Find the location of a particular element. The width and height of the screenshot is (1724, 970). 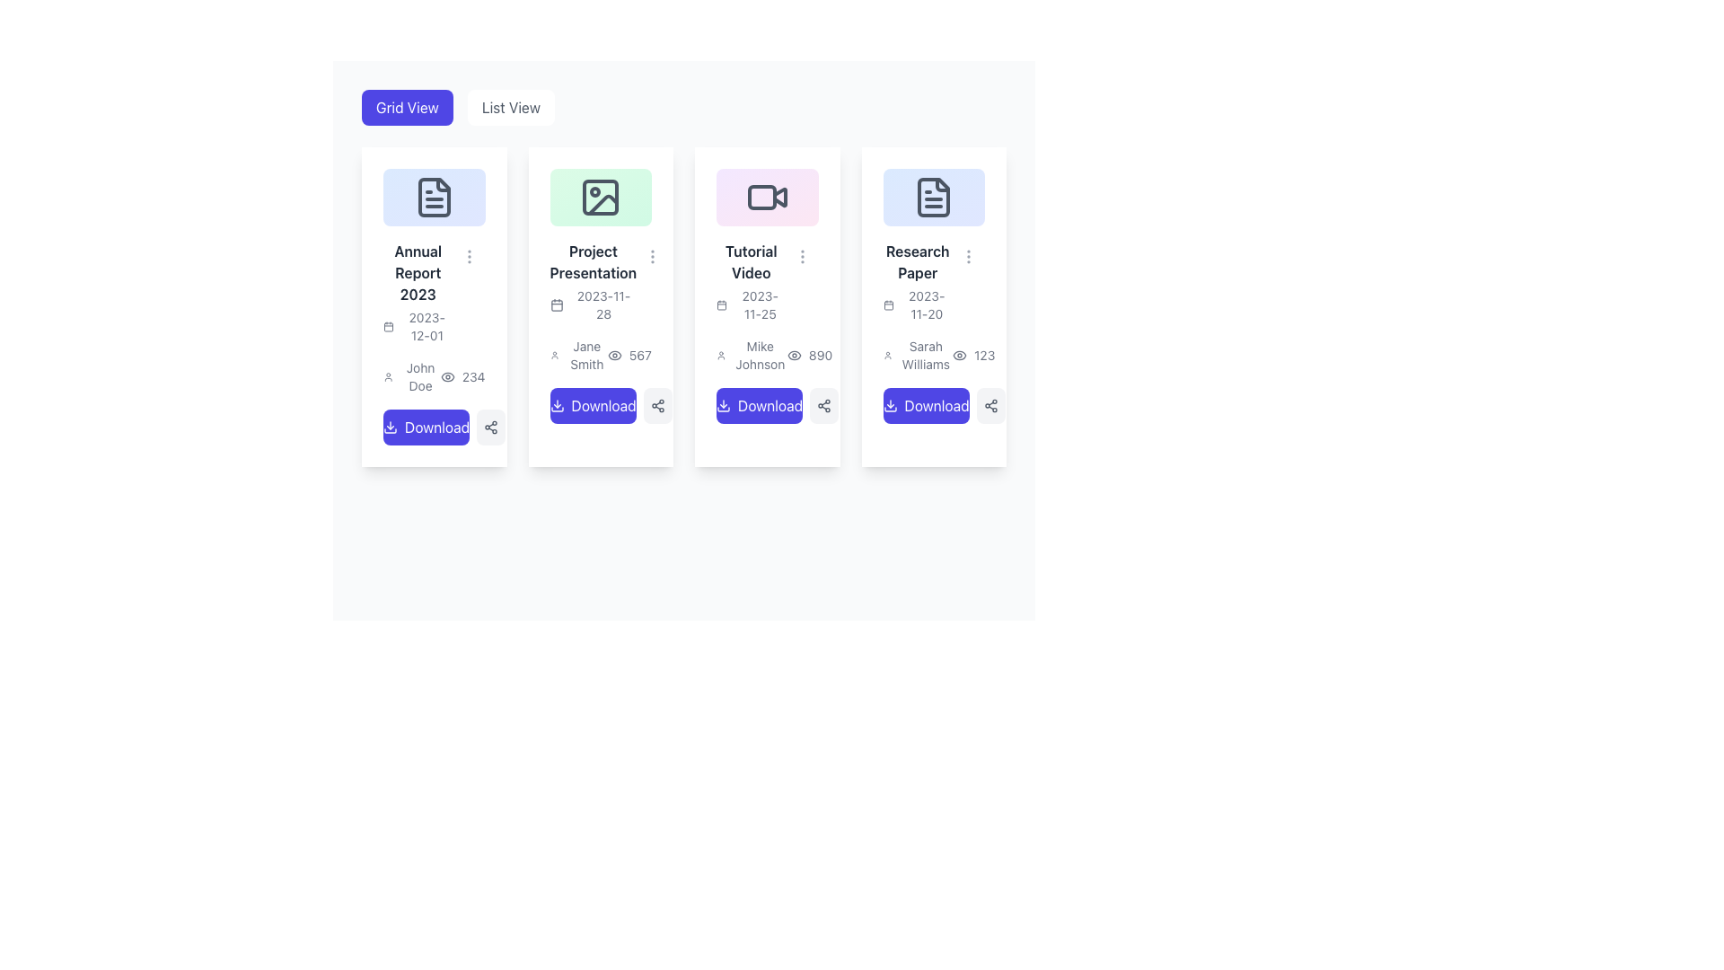

the Text label that displays the author or user associated with the document within the fourth card, located below the title and date, and above the view count, next to a user icon is located at coordinates (926, 355).